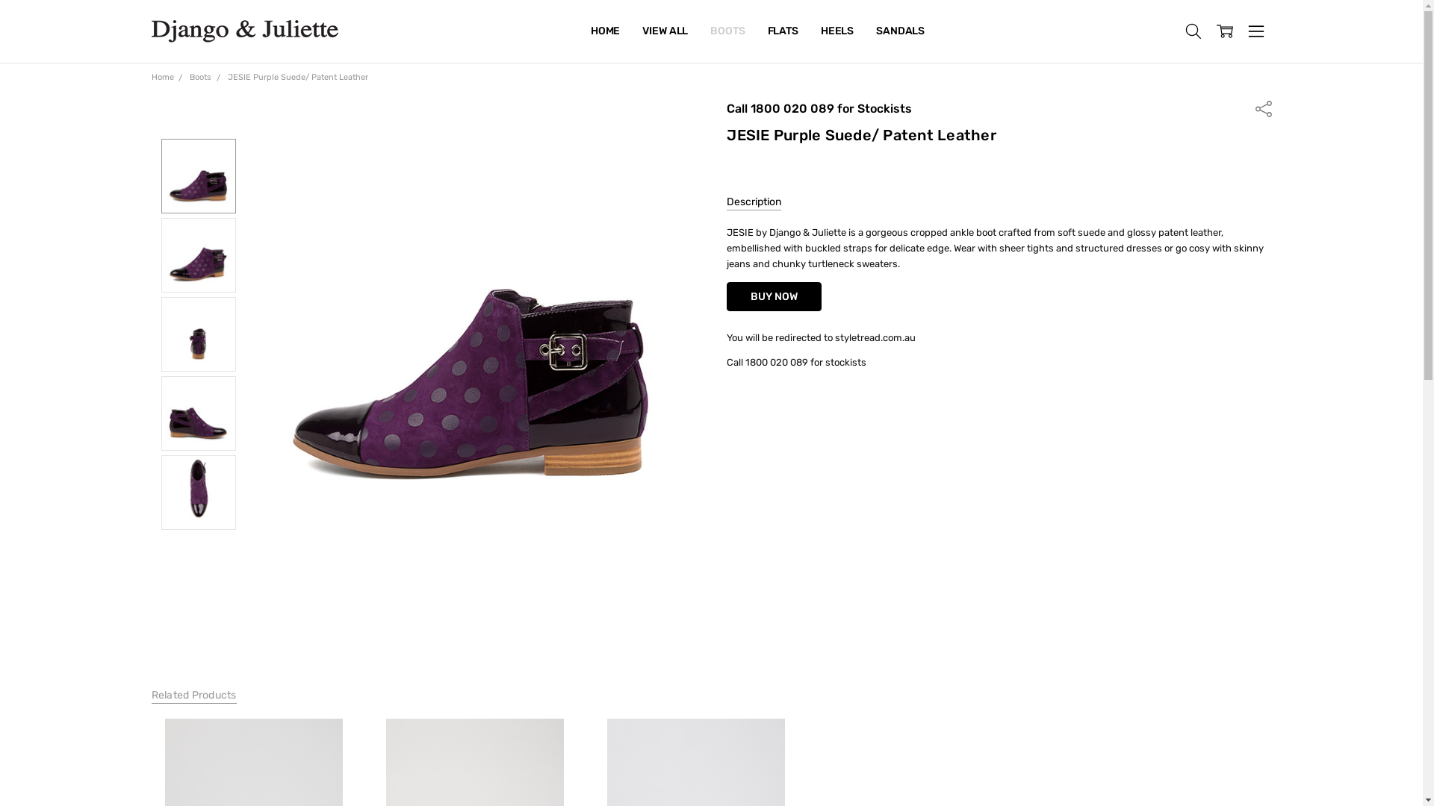 Image resolution: width=1434 pixels, height=806 pixels. What do you see at coordinates (161, 77) in the screenshot?
I see `'Home'` at bounding box center [161, 77].